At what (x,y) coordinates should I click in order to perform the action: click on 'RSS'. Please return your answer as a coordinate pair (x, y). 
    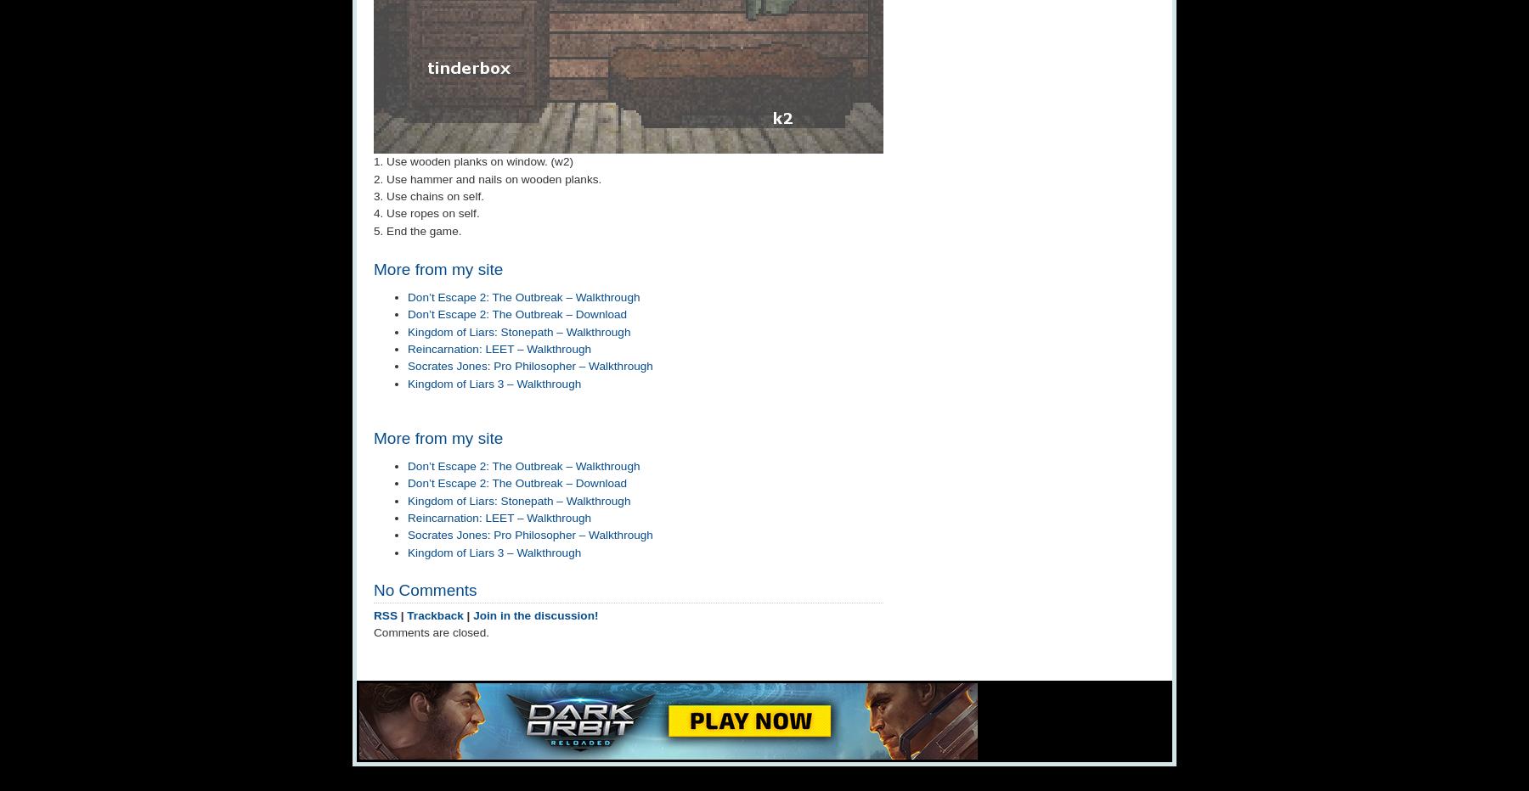
    Looking at the image, I should click on (384, 614).